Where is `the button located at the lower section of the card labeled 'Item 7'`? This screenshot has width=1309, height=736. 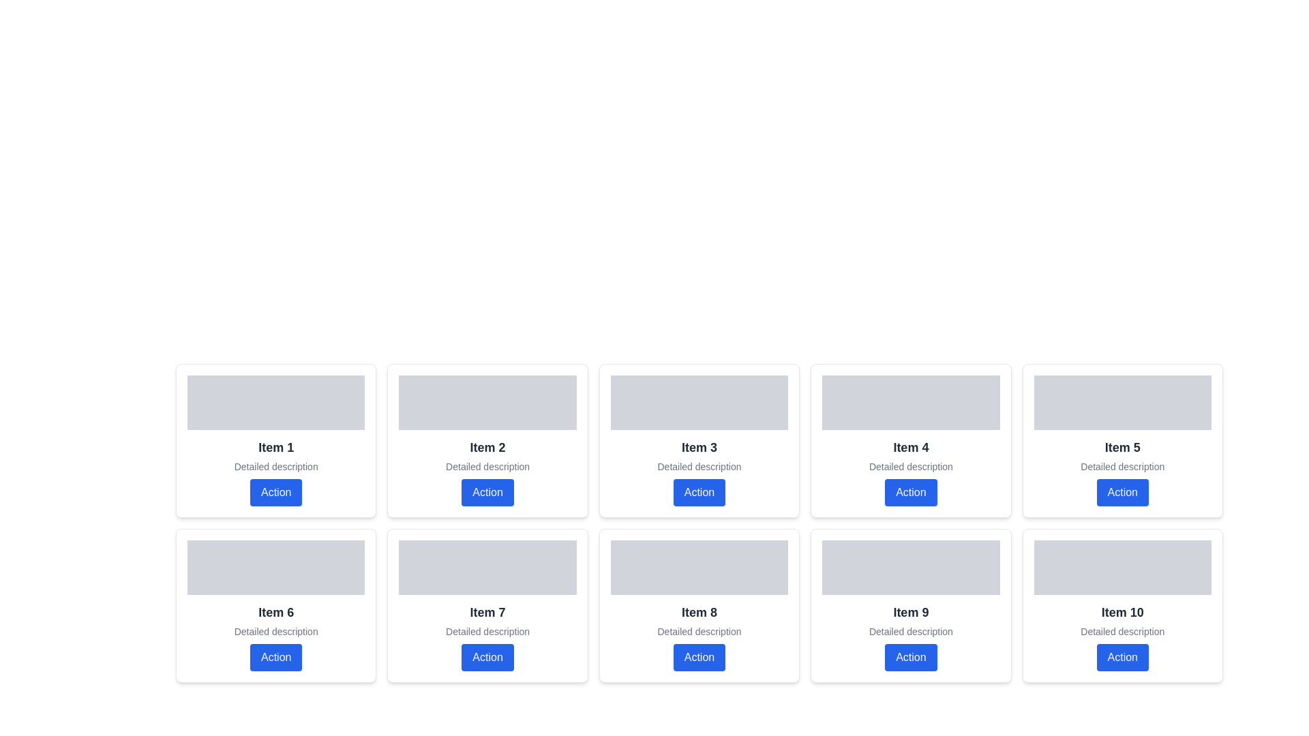
the button located at the lower section of the card labeled 'Item 7' is located at coordinates (487, 656).